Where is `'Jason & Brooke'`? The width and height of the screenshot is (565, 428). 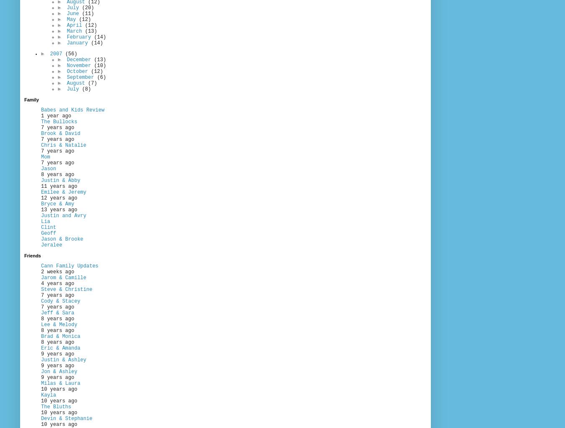 'Jason & Brooke' is located at coordinates (40, 239).